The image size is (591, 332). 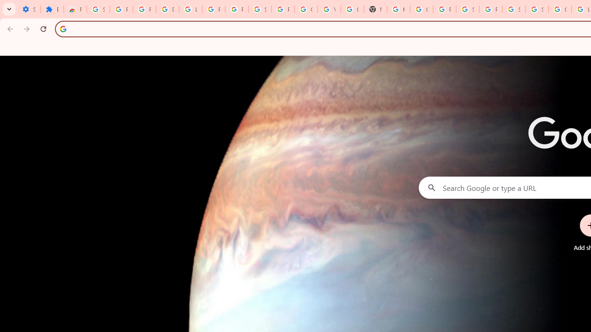 I want to click on 'Learn how to find your photos - Google Photos Help', so click(x=190, y=9).